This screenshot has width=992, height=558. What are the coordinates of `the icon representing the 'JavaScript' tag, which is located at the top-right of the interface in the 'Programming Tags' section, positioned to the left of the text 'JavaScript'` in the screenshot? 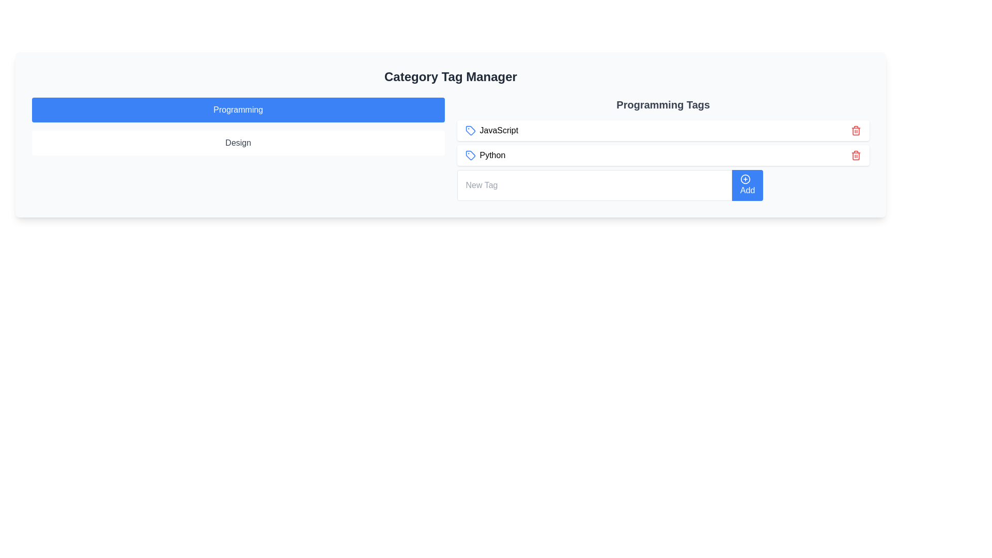 It's located at (470, 130).